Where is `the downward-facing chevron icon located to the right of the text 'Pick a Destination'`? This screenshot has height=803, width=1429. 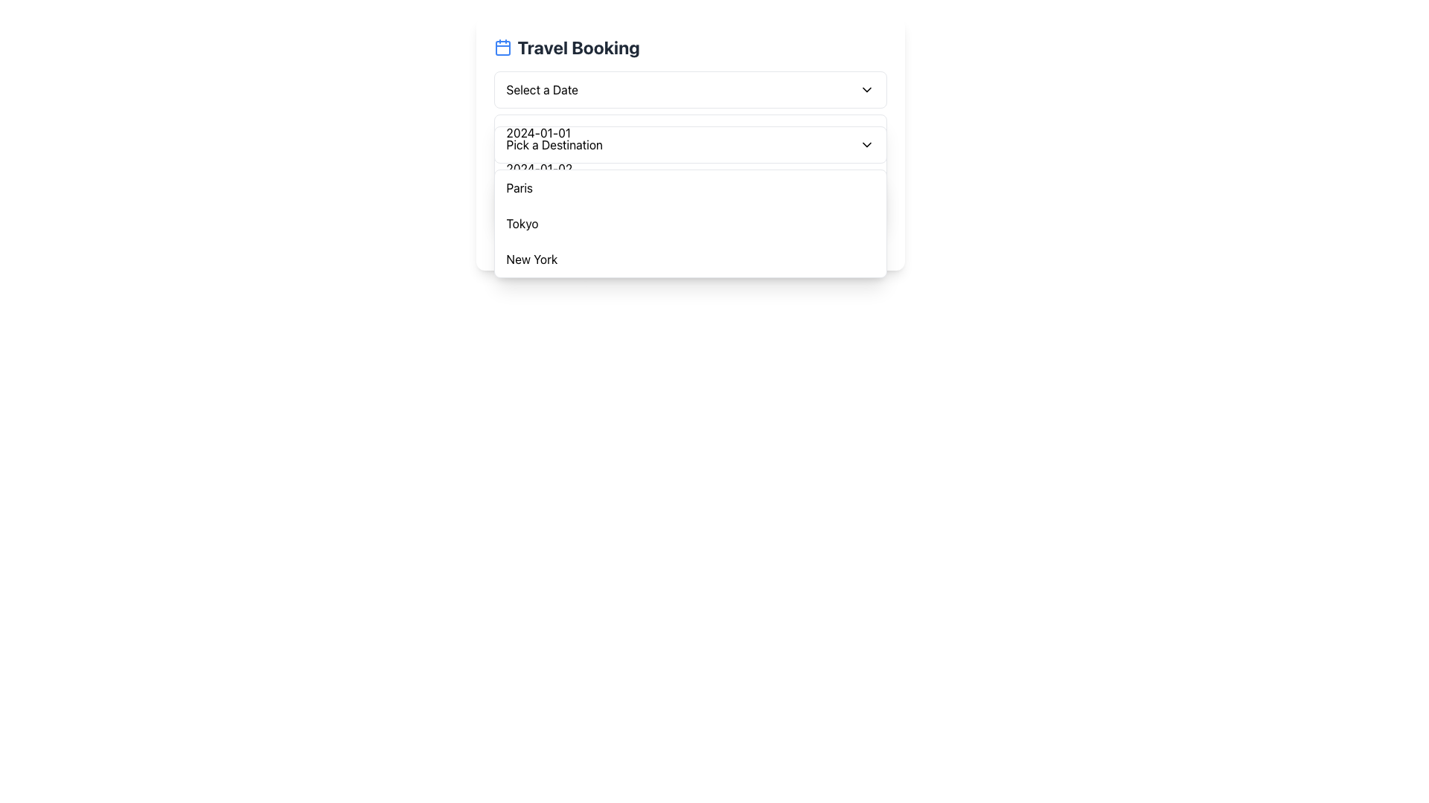
the downward-facing chevron icon located to the right of the text 'Pick a Destination' is located at coordinates (866, 145).